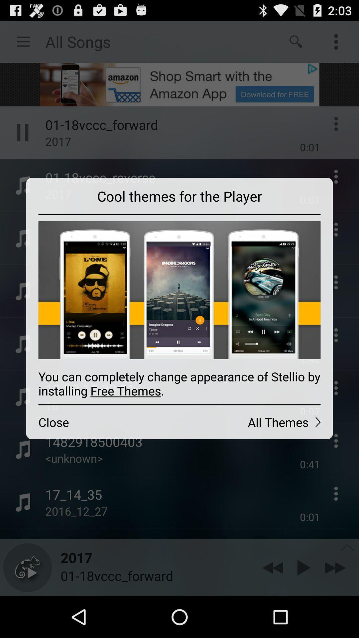  What do you see at coordinates (103, 422) in the screenshot?
I see `the close` at bounding box center [103, 422].